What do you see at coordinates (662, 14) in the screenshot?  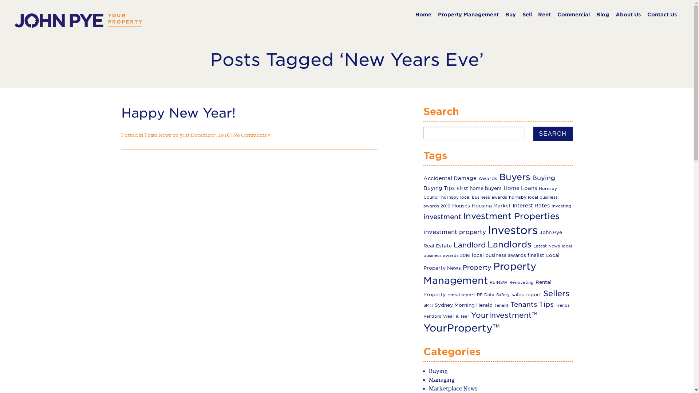 I see `'Contact Us'` at bounding box center [662, 14].